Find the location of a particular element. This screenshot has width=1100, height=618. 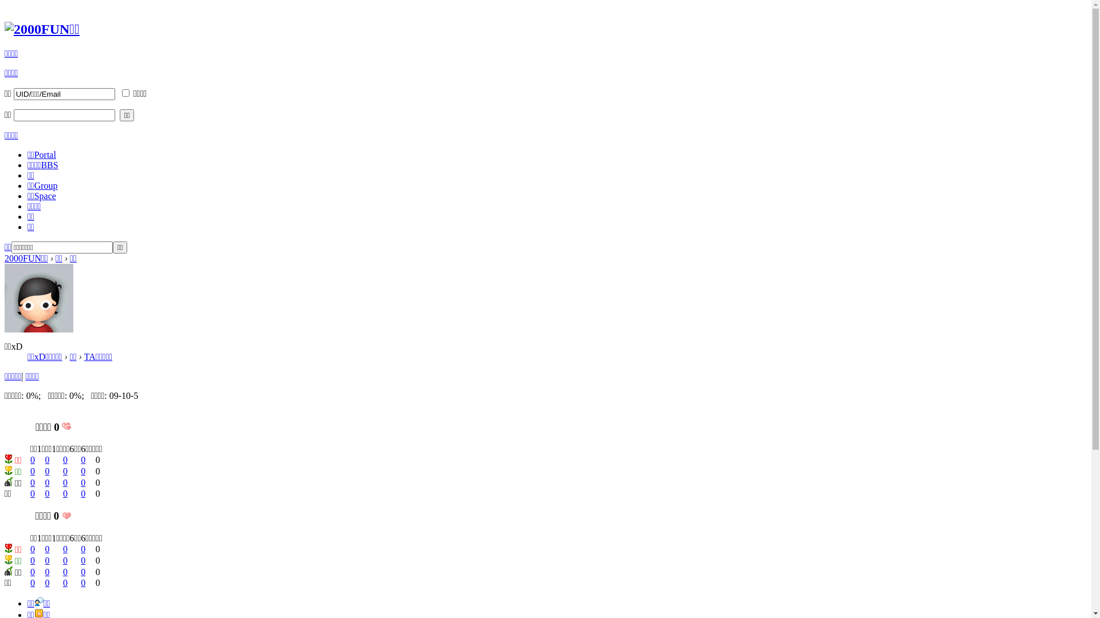

'0' is located at coordinates (62, 493).